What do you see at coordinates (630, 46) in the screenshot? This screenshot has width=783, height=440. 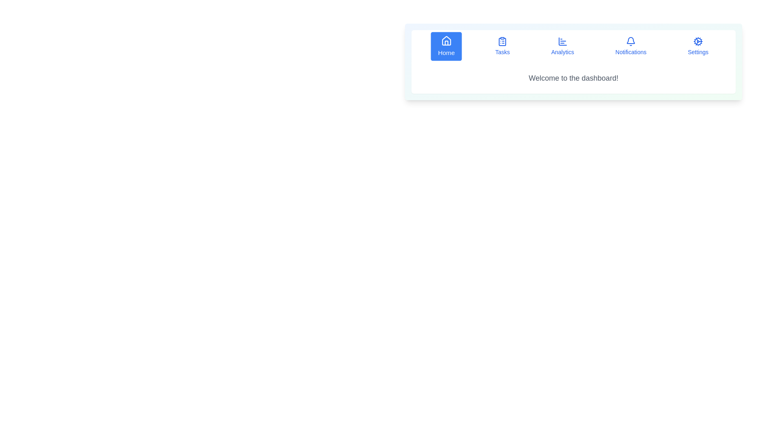 I see `the Notifications button` at bounding box center [630, 46].